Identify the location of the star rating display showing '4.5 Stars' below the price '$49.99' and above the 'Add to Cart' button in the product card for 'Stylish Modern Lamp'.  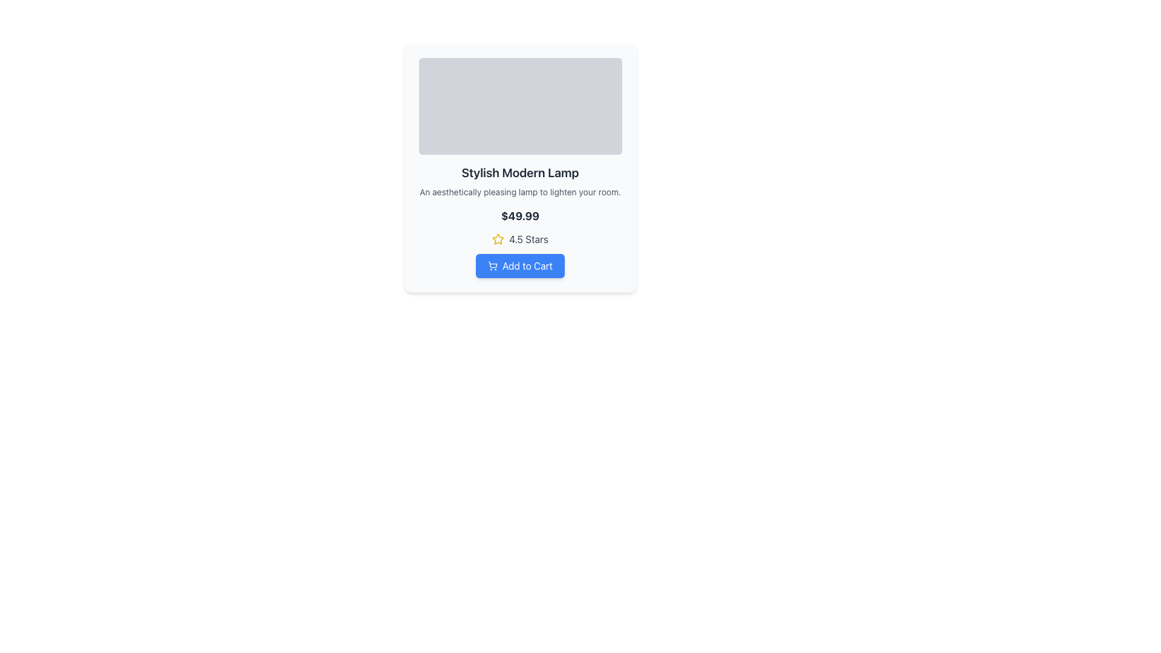
(520, 239).